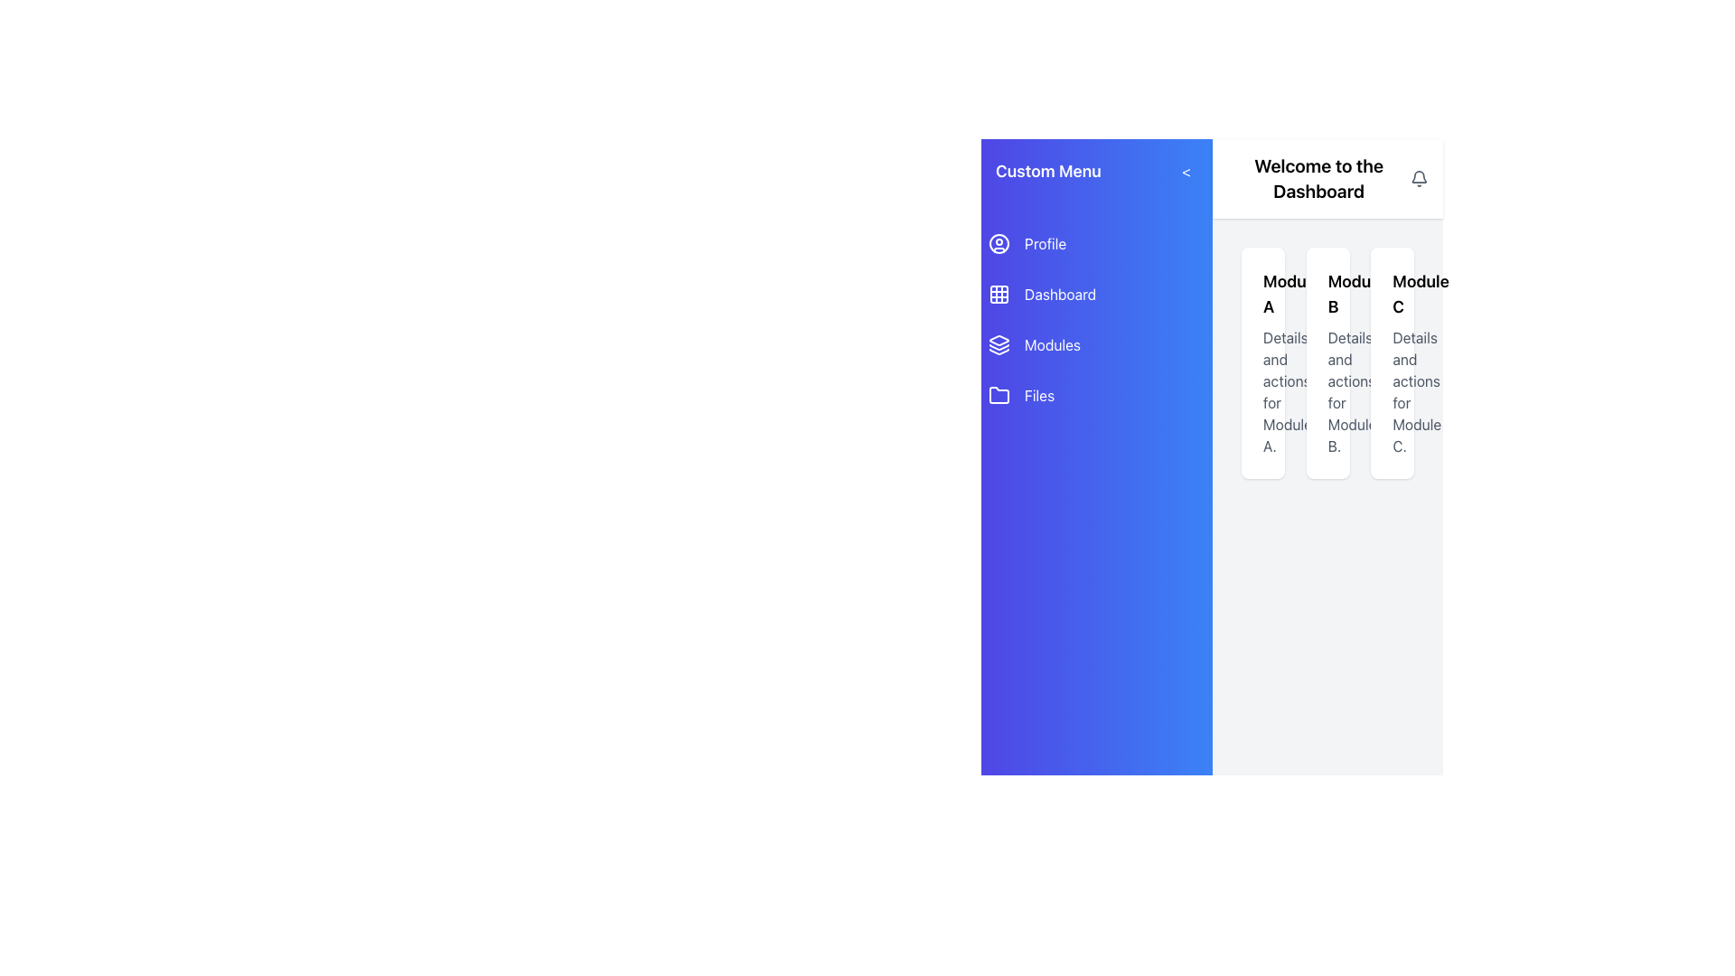 This screenshot has height=976, width=1735. Describe the element at coordinates (1053, 344) in the screenshot. I see `the 'Modules' text label, which is the third item in the left-aligned vertical menu with a gradient blue background` at that location.